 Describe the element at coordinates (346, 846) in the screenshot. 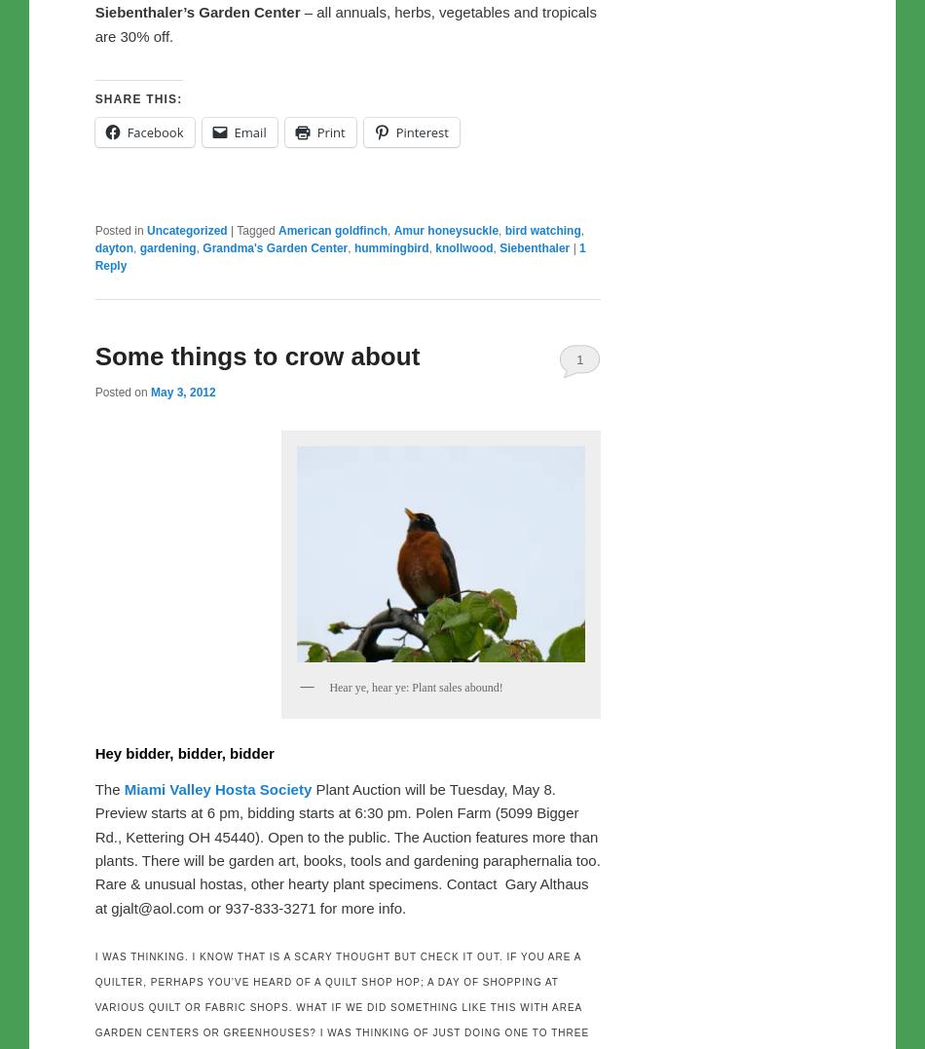

I see `'Plant Auction will be Tuesday, May 8. Preview starts at 6 pm, bidding starts at 6:30 pm. Polen Farm (5099 Bigger Rd., Kettering OH 45440). Open to the public. The Auction features more than plants. There will be garden art, books, tools and gardening paraphernalia too. Rare & unusual hostas, other hearty plant specimens. Contact  Gary Althaus at gjalt@aol.com or 937-833-3271 for more info.'` at that location.